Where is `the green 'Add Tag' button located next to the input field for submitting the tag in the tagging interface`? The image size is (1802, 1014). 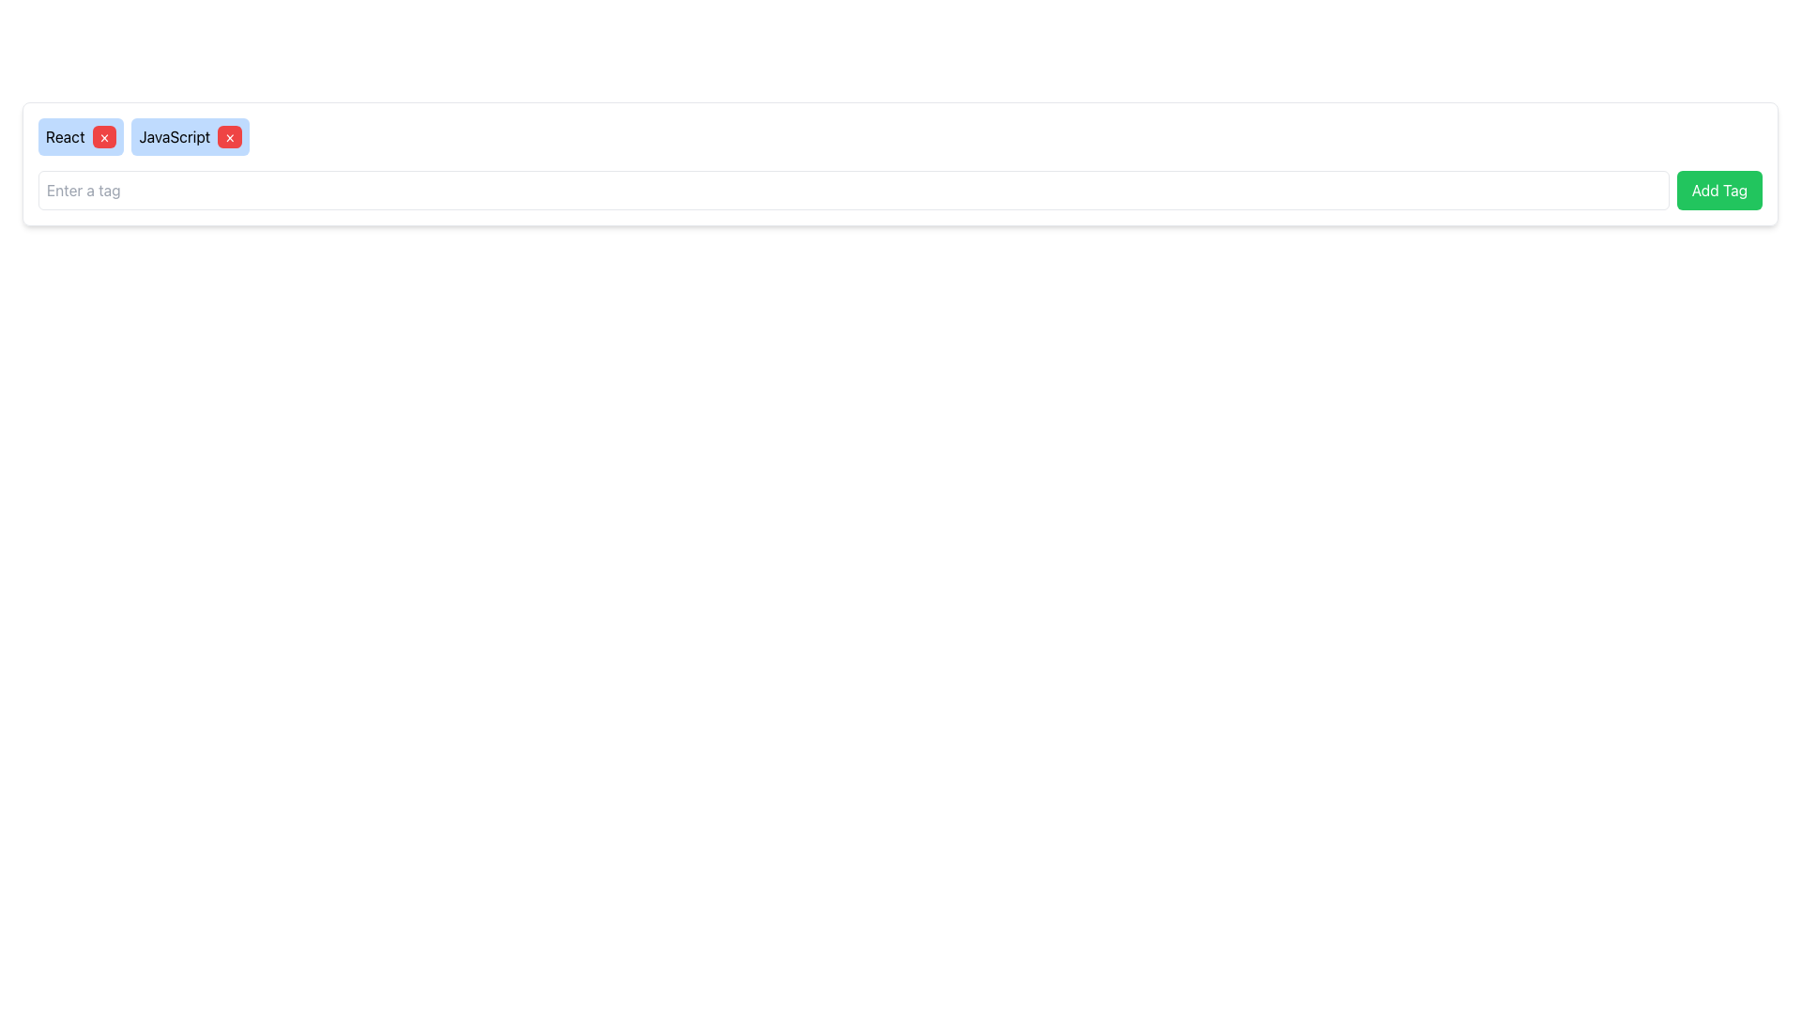 the green 'Add Tag' button located next to the input field for submitting the tag in the tagging interface is located at coordinates (899, 191).